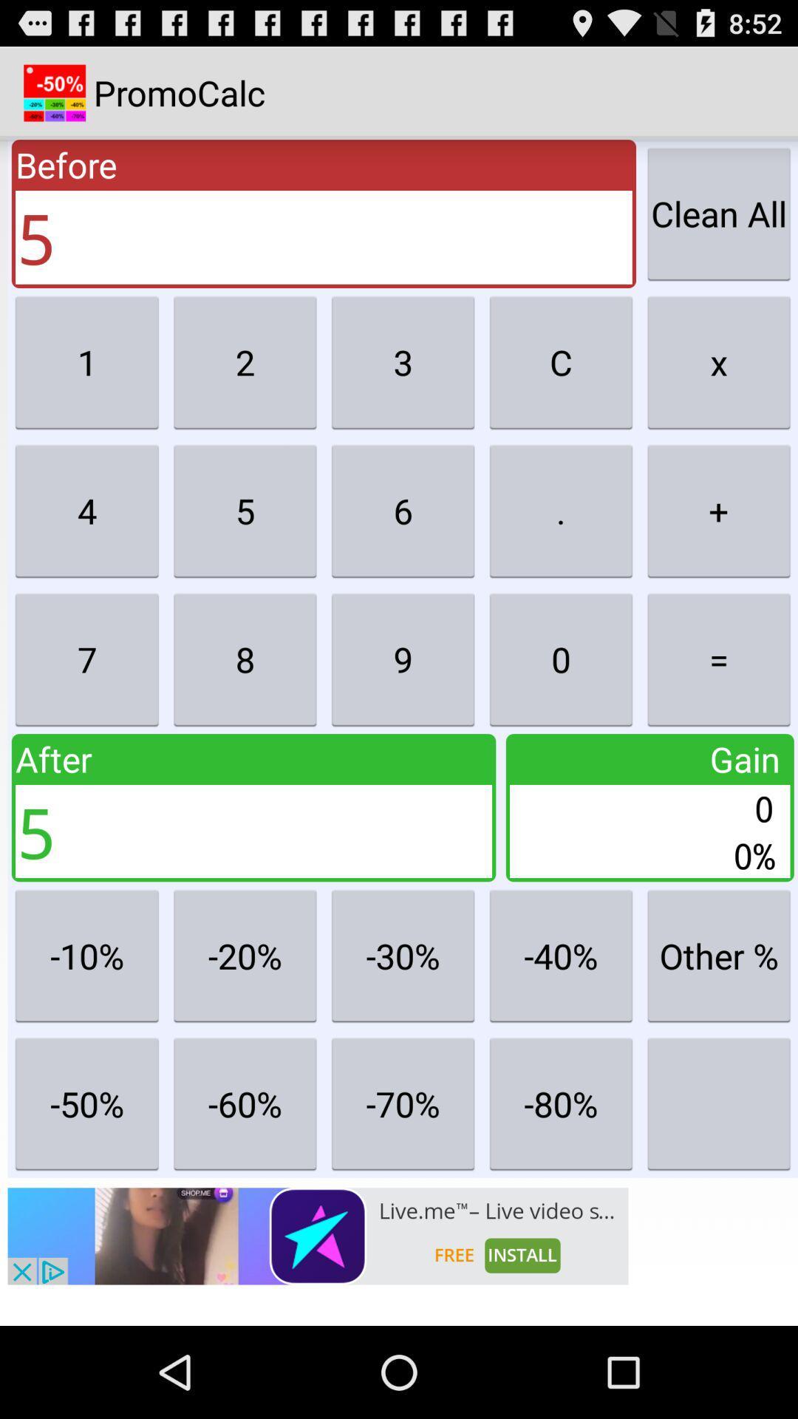 Image resolution: width=798 pixels, height=1419 pixels. I want to click on 10, so click(87, 956).